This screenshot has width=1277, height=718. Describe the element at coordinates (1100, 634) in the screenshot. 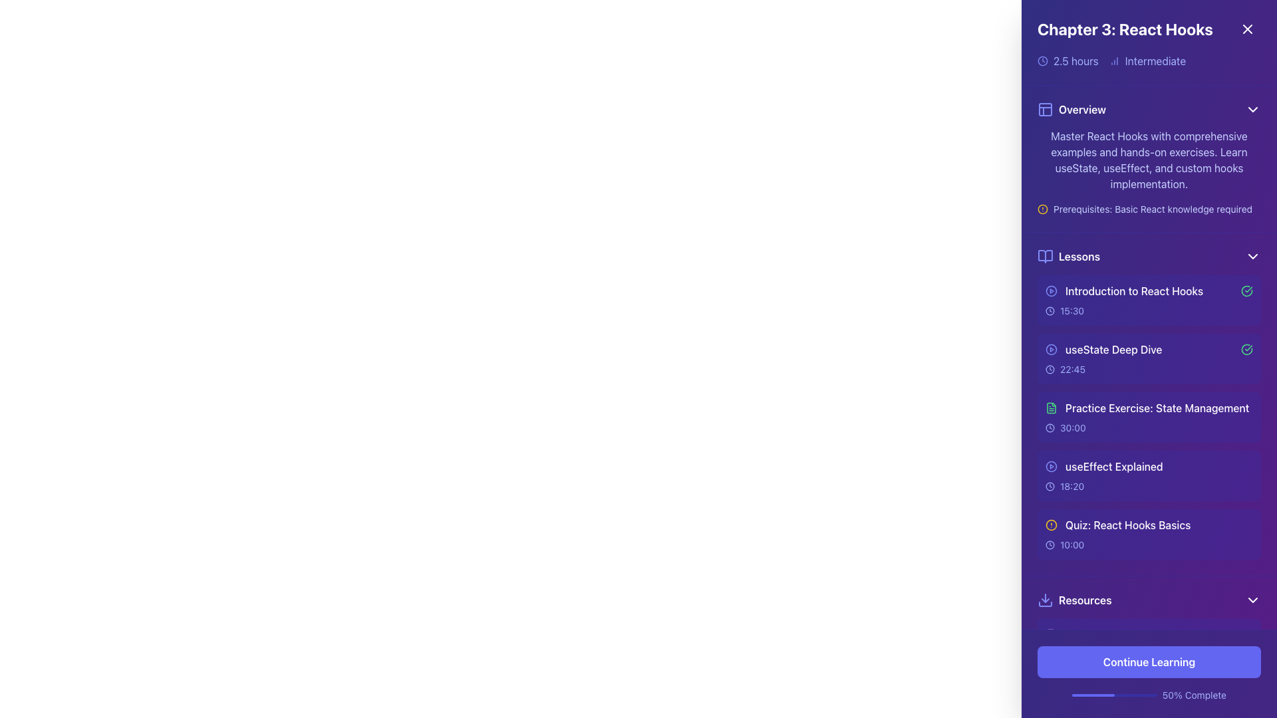

I see `the 'Hooks Cheat Sheet' navigational link in the 'Resources' section` at that location.